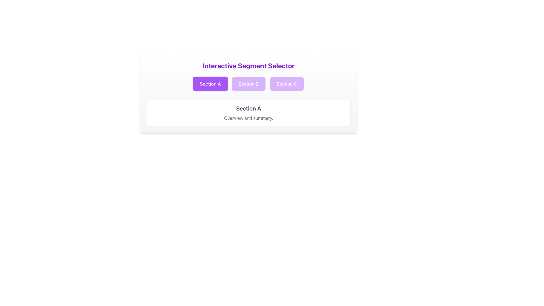 Image resolution: width=544 pixels, height=306 pixels. What do you see at coordinates (248, 84) in the screenshot?
I see `the 'Section B' button, which is a rectangle-shaped button with rounded corners, light purple background, and white text` at bounding box center [248, 84].